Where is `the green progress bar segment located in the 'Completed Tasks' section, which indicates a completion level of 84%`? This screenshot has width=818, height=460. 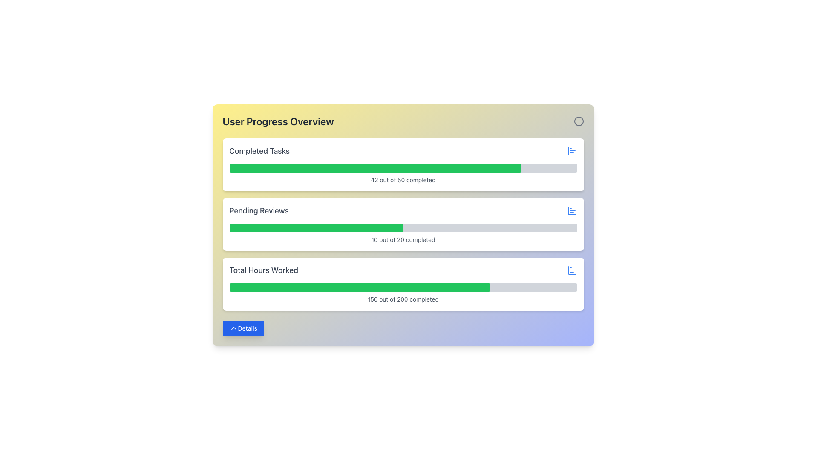 the green progress bar segment located in the 'Completed Tasks' section, which indicates a completion level of 84% is located at coordinates (375, 168).